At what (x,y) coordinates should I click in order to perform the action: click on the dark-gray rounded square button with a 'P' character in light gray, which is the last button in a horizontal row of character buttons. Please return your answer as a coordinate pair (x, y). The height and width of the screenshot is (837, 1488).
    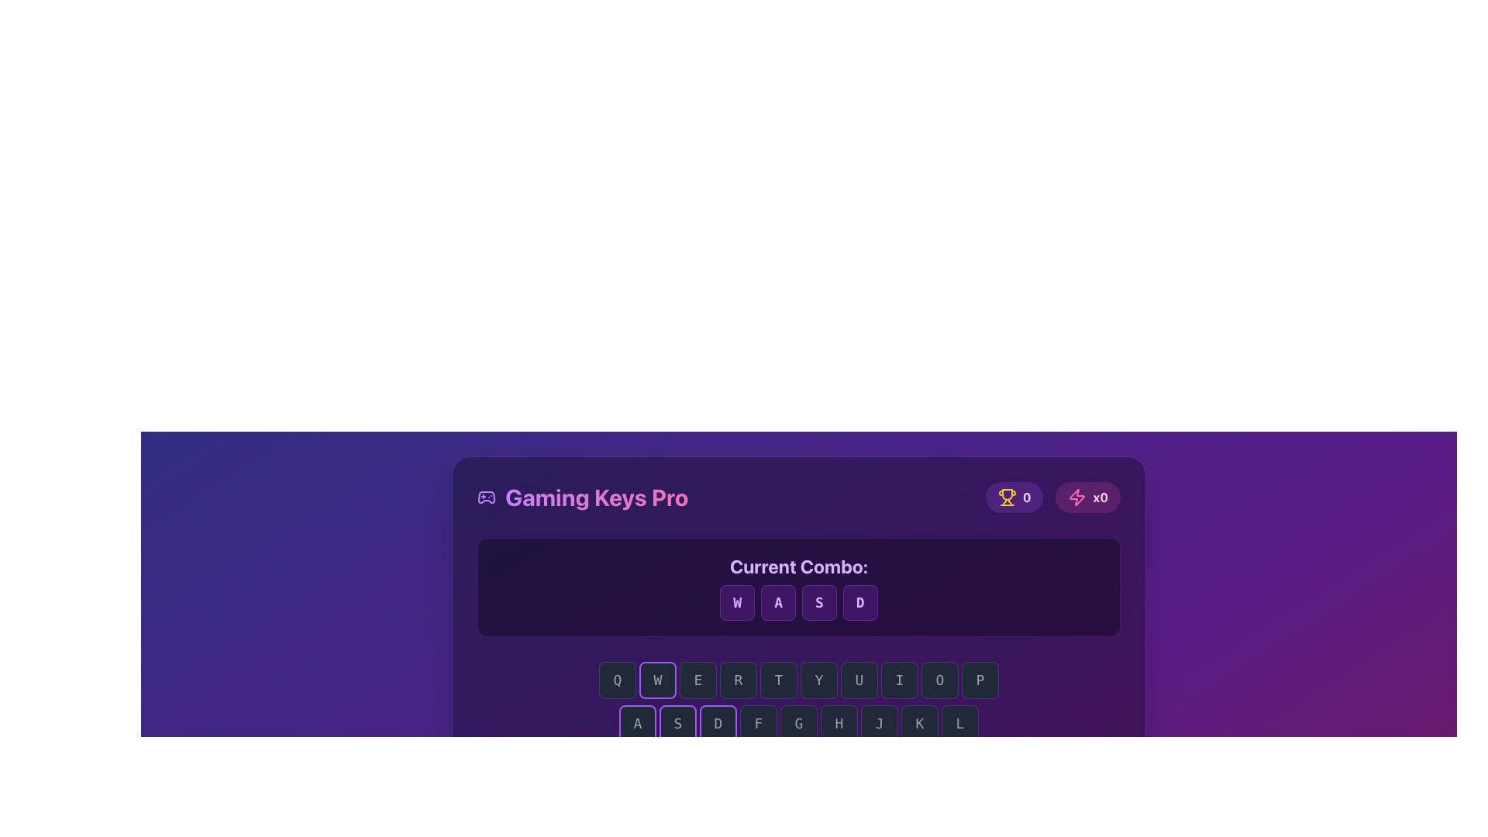
    Looking at the image, I should click on (980, 680).